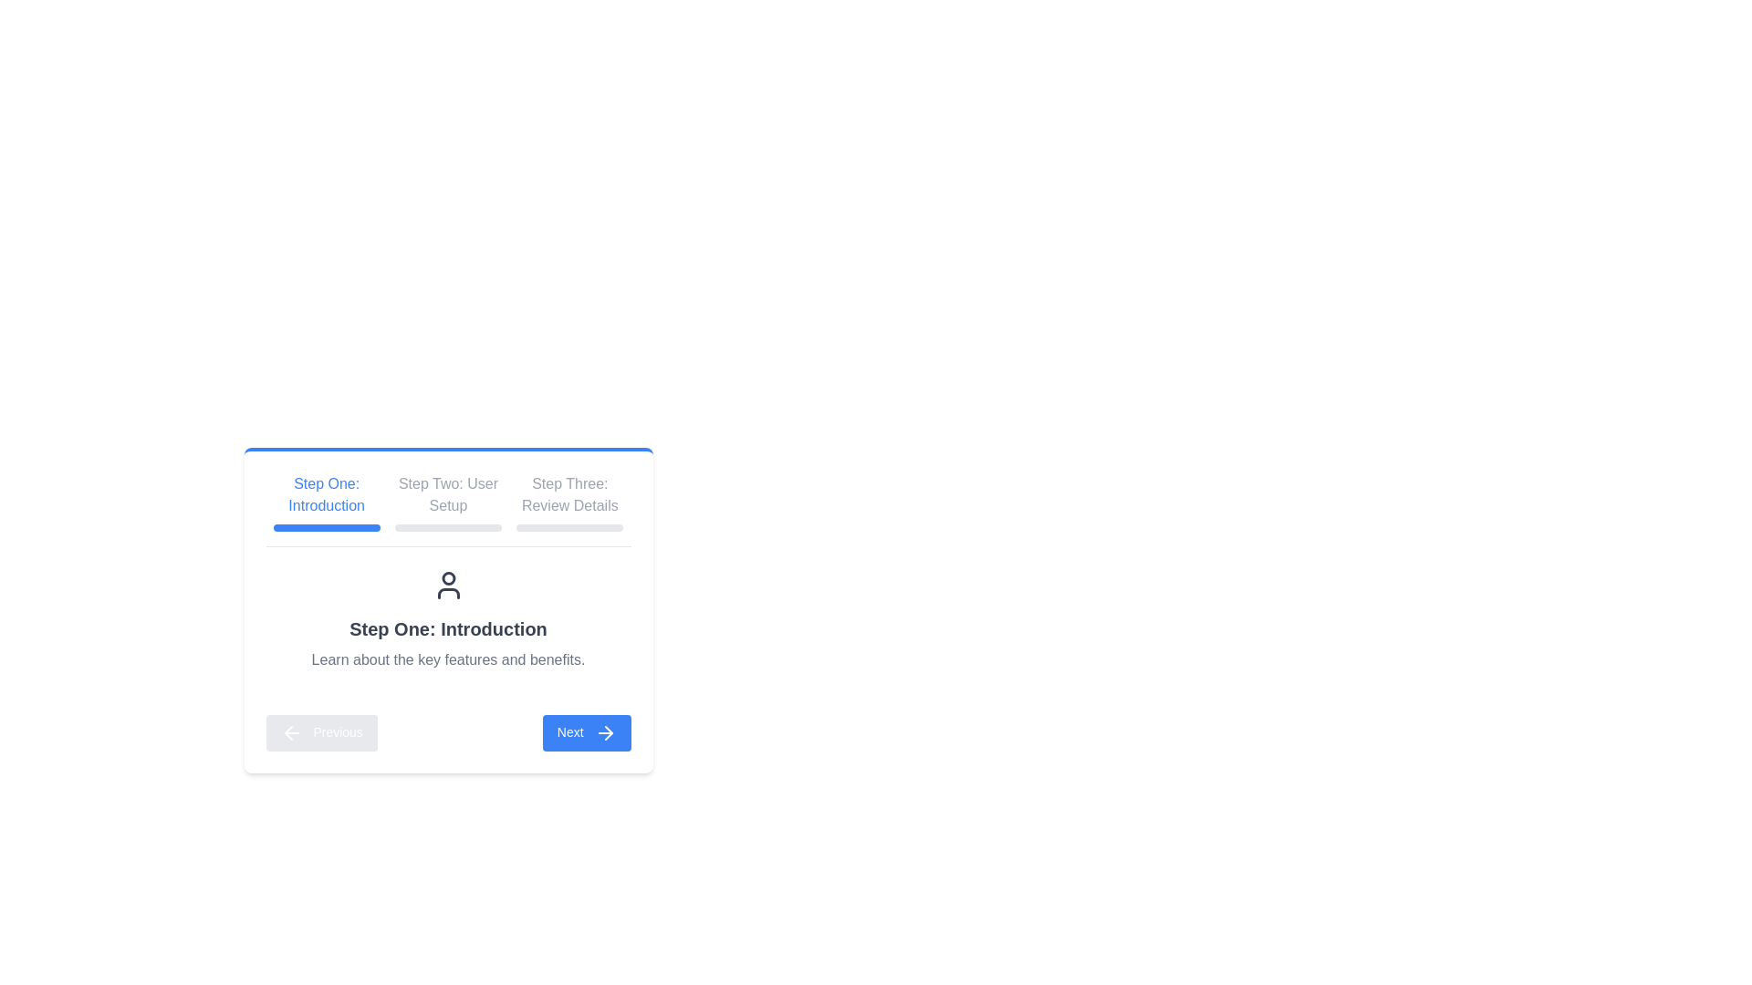  What do you see at coordinates (448, 594) in the screenshot?
I see `the lower curved part of the user icon, which is a decorative component indicating a user-related section, located above the text 'Step One: Introduction'` at bounding box center [448, 594].